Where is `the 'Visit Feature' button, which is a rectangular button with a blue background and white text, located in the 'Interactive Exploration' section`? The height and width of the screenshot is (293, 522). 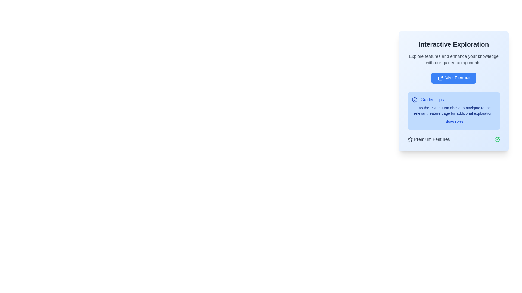
the 'Visit Feature' button, which is a rectangular button with a blue background and white text, located in the 'Interactive Exploration' section is located at coordinates (454, 78).